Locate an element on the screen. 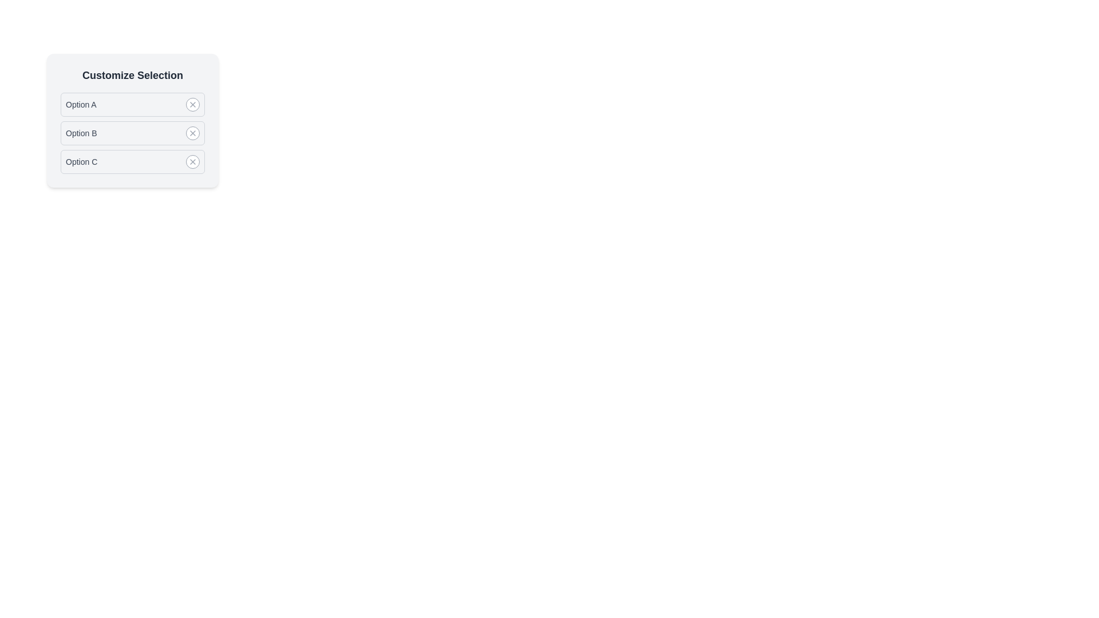  the option corresponding to Option A is located at coordinates (192, 104).